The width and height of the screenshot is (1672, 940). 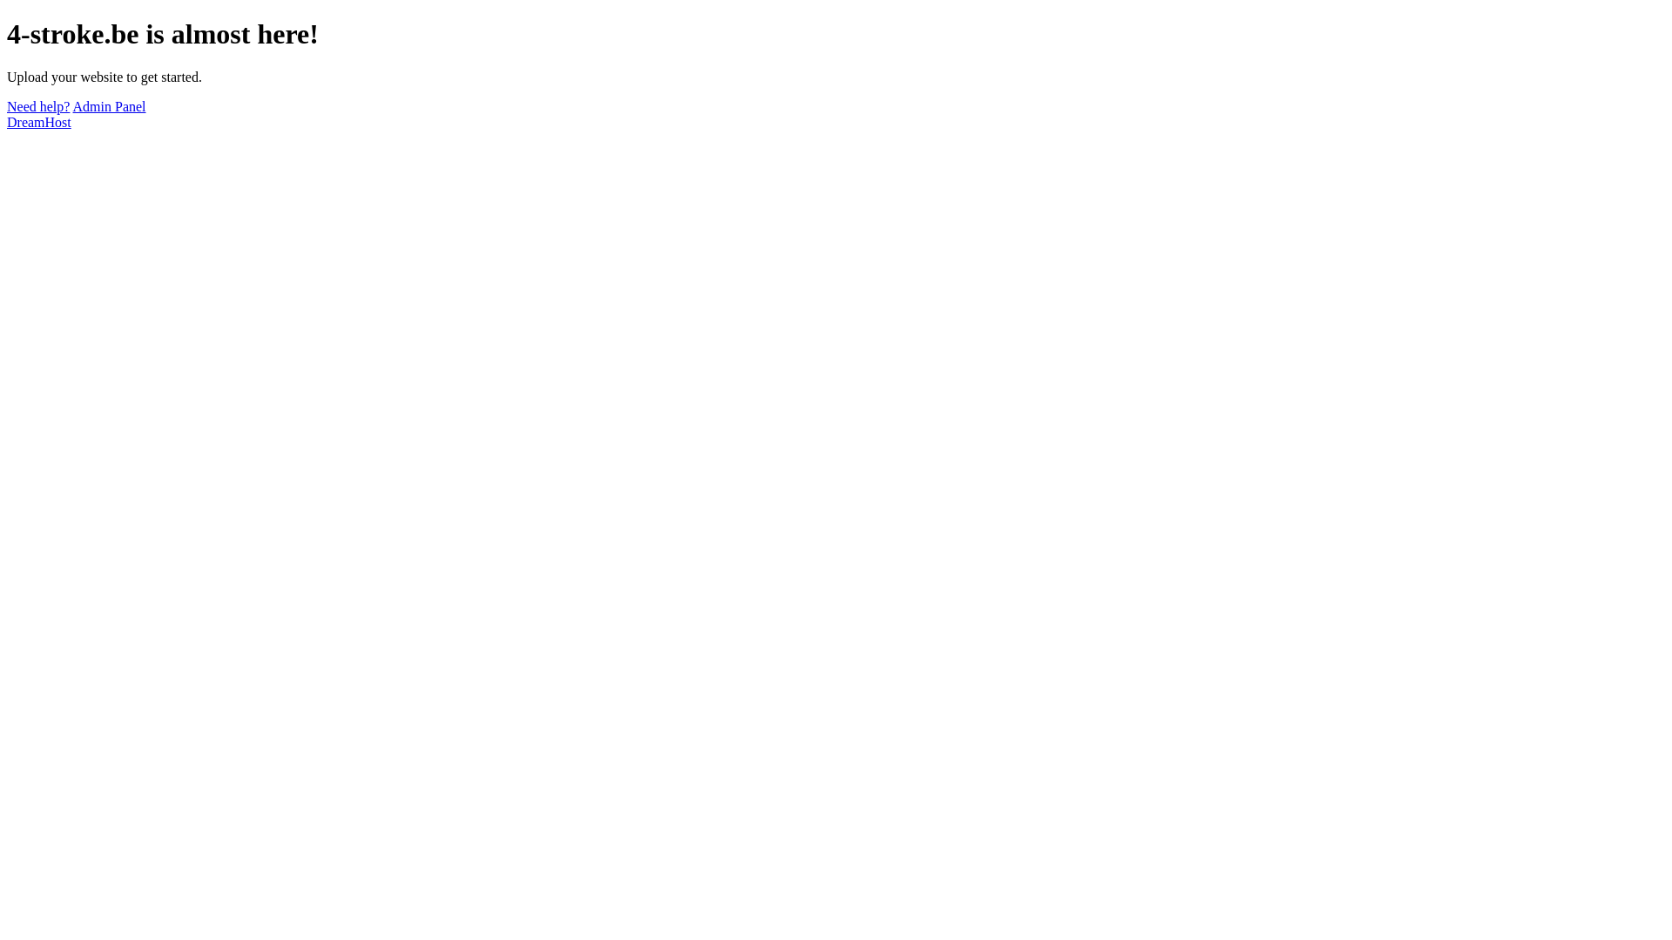 What do you see at coordinates (108, 106) in the screenshot?
I see `'Admin Panel'` at bounding box center [108, 106].